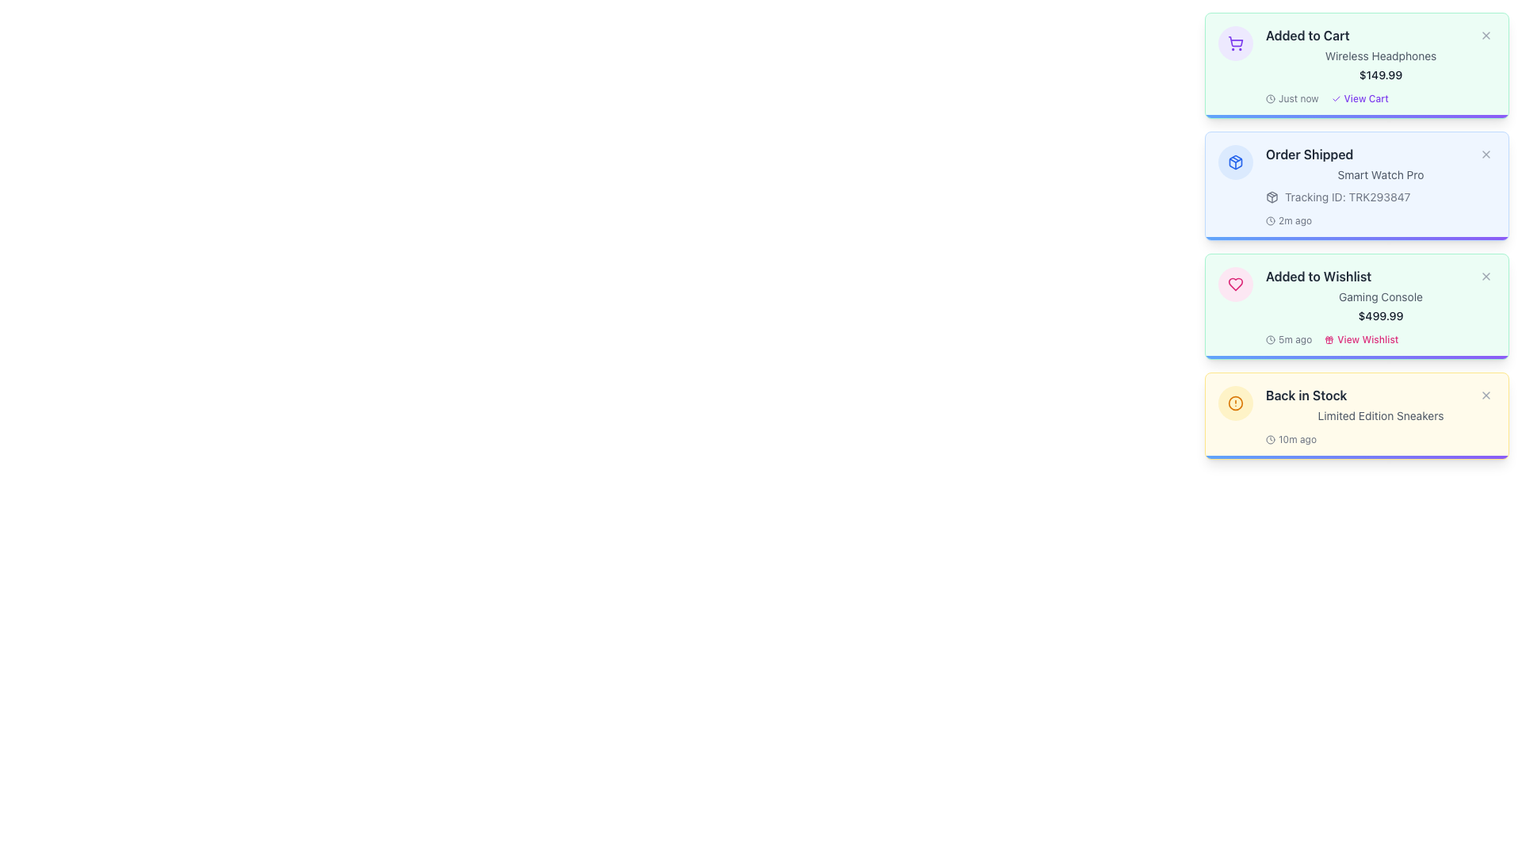  Describe the element at coordinates (1292, 98) in the screenshot. I see `the Timestamp indicator which has a clock icon and the text 'Just now', located to the left of the 'View Cart' link in the topmost information card` at that location.